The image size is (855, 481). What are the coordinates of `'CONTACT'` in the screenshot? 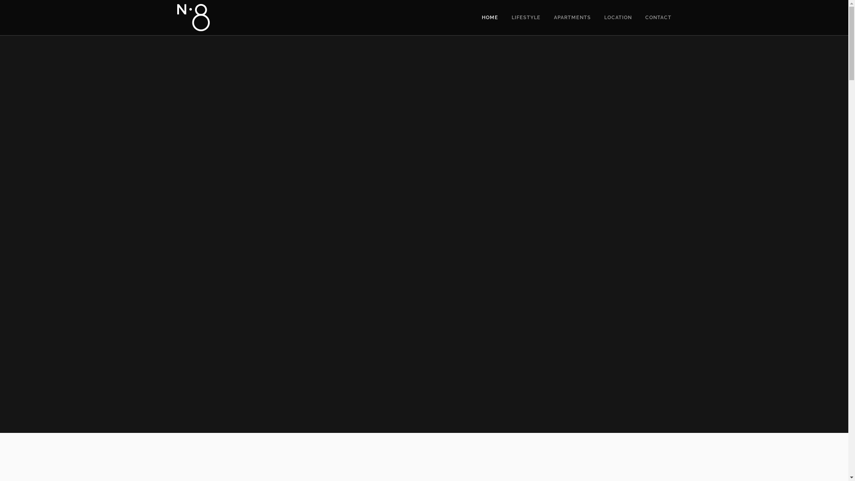 It's located at (658, 17).